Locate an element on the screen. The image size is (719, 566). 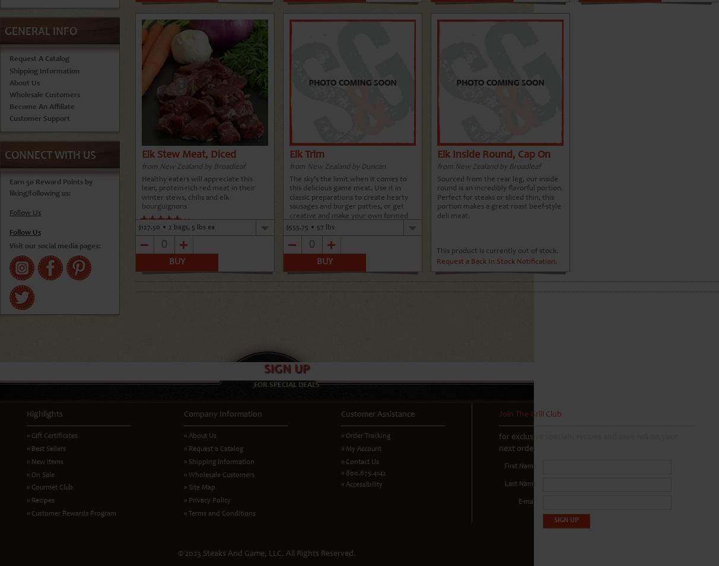
'» Contact Us' is located at coordinates (359, 461).